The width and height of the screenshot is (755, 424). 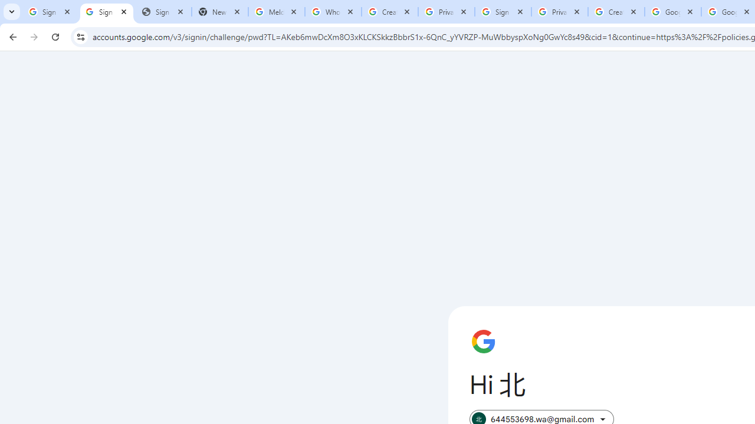 I want to click on 'Who is my administrator? - Google Account Help', so click(x=333, y=12).